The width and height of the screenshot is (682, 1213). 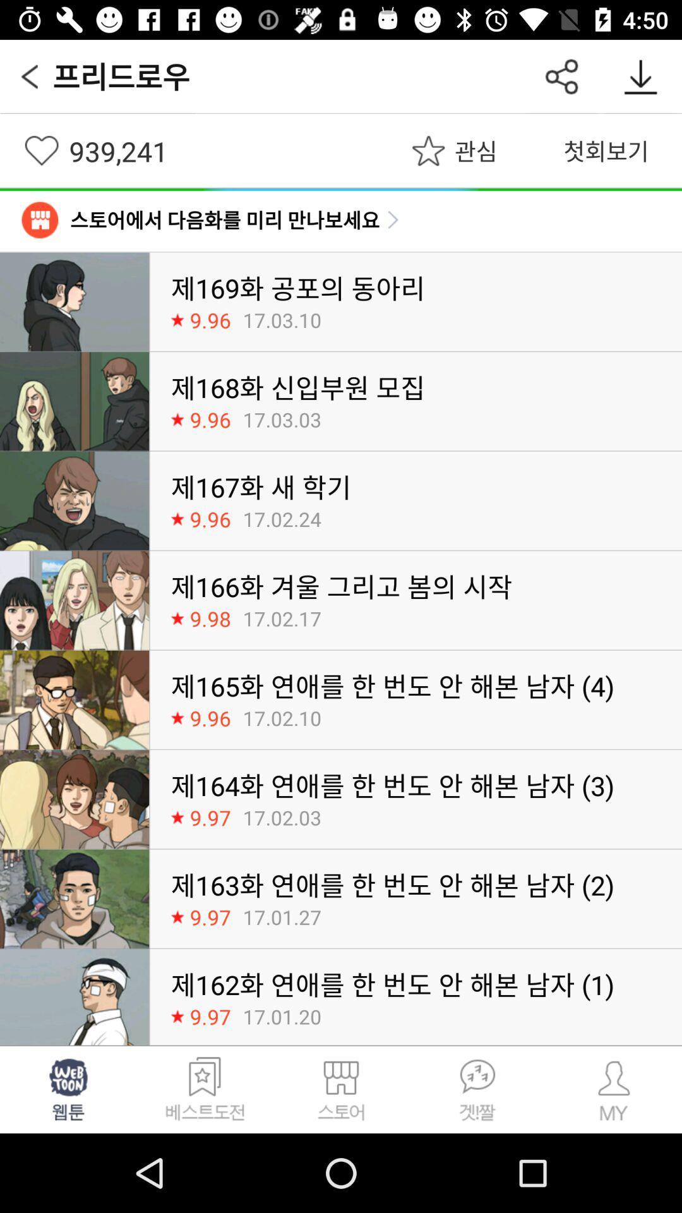 What do you see at coordinates (393, 220) in the screenshot?
I see `the right arrow mark` at bounding box center [393, 220].